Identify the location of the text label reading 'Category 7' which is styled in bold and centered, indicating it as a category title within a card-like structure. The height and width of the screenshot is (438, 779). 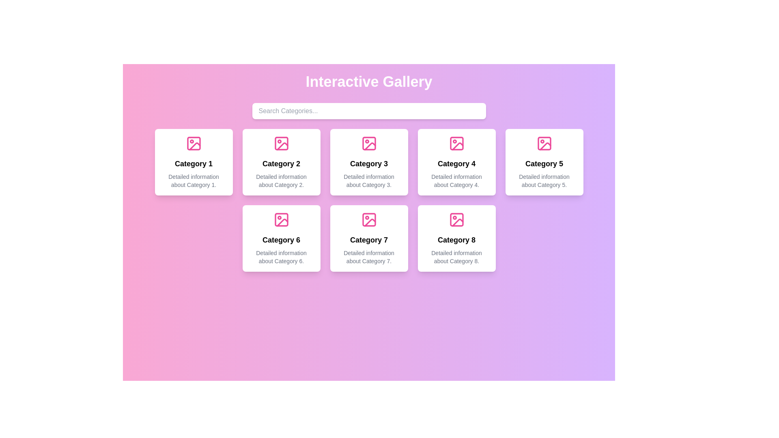
(368, 239).